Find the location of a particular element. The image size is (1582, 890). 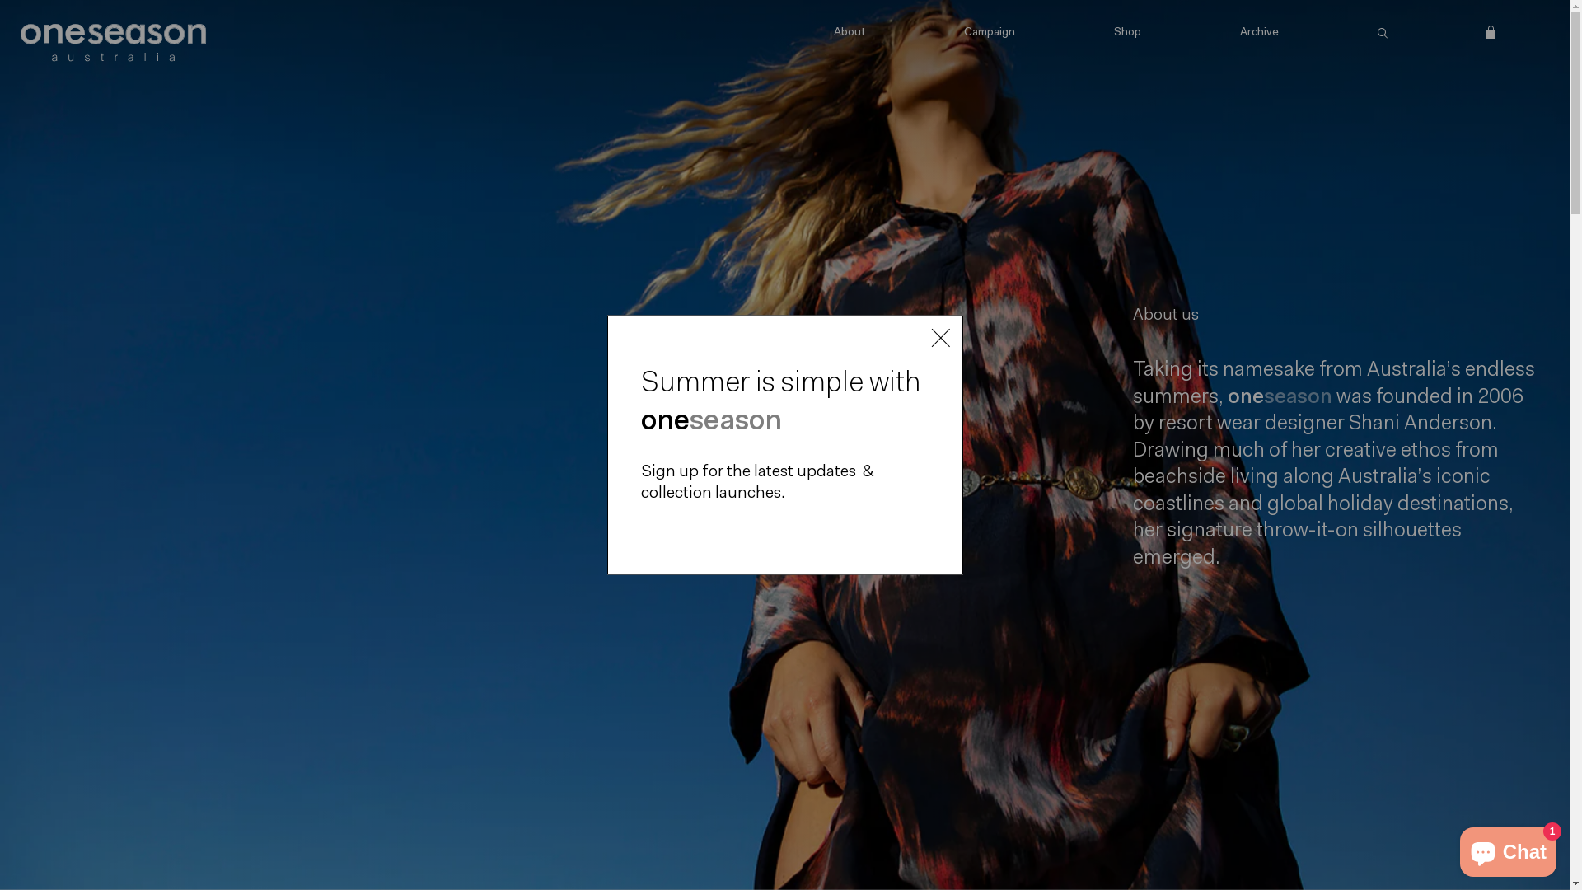

'Campaign' is located at coordinates (989, 35).